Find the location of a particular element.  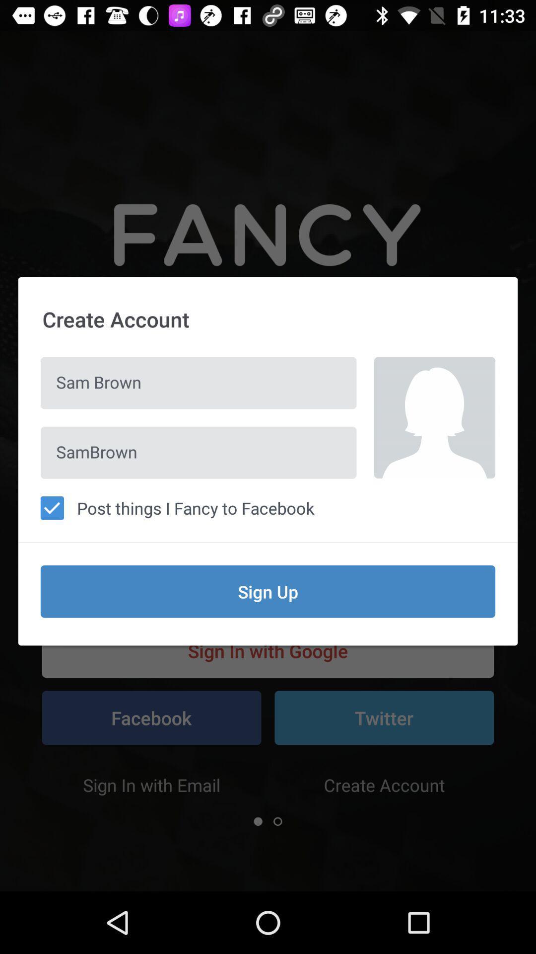

the sam brown icon is located at coordinates (199, 383).